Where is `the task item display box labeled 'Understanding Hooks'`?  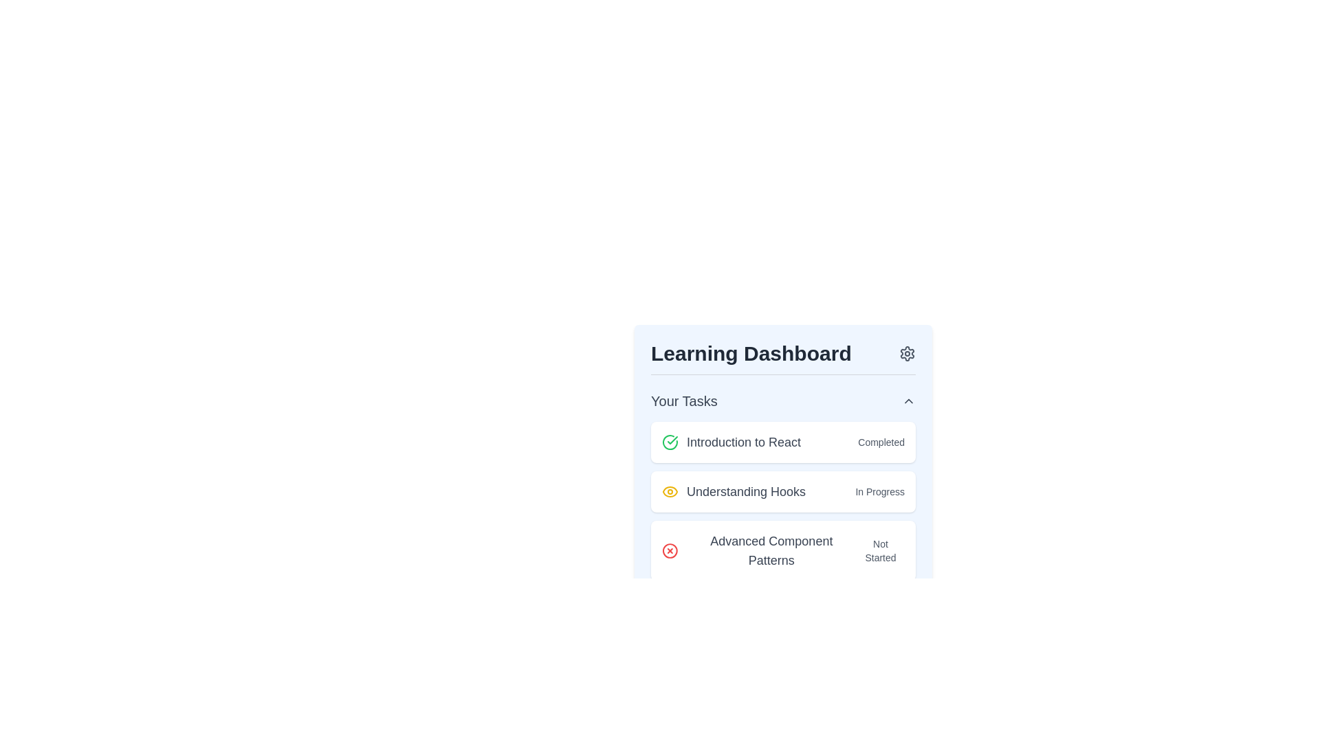 the task item display box labeled 'Understanding Hooks' is located at coordinates (783, 501).